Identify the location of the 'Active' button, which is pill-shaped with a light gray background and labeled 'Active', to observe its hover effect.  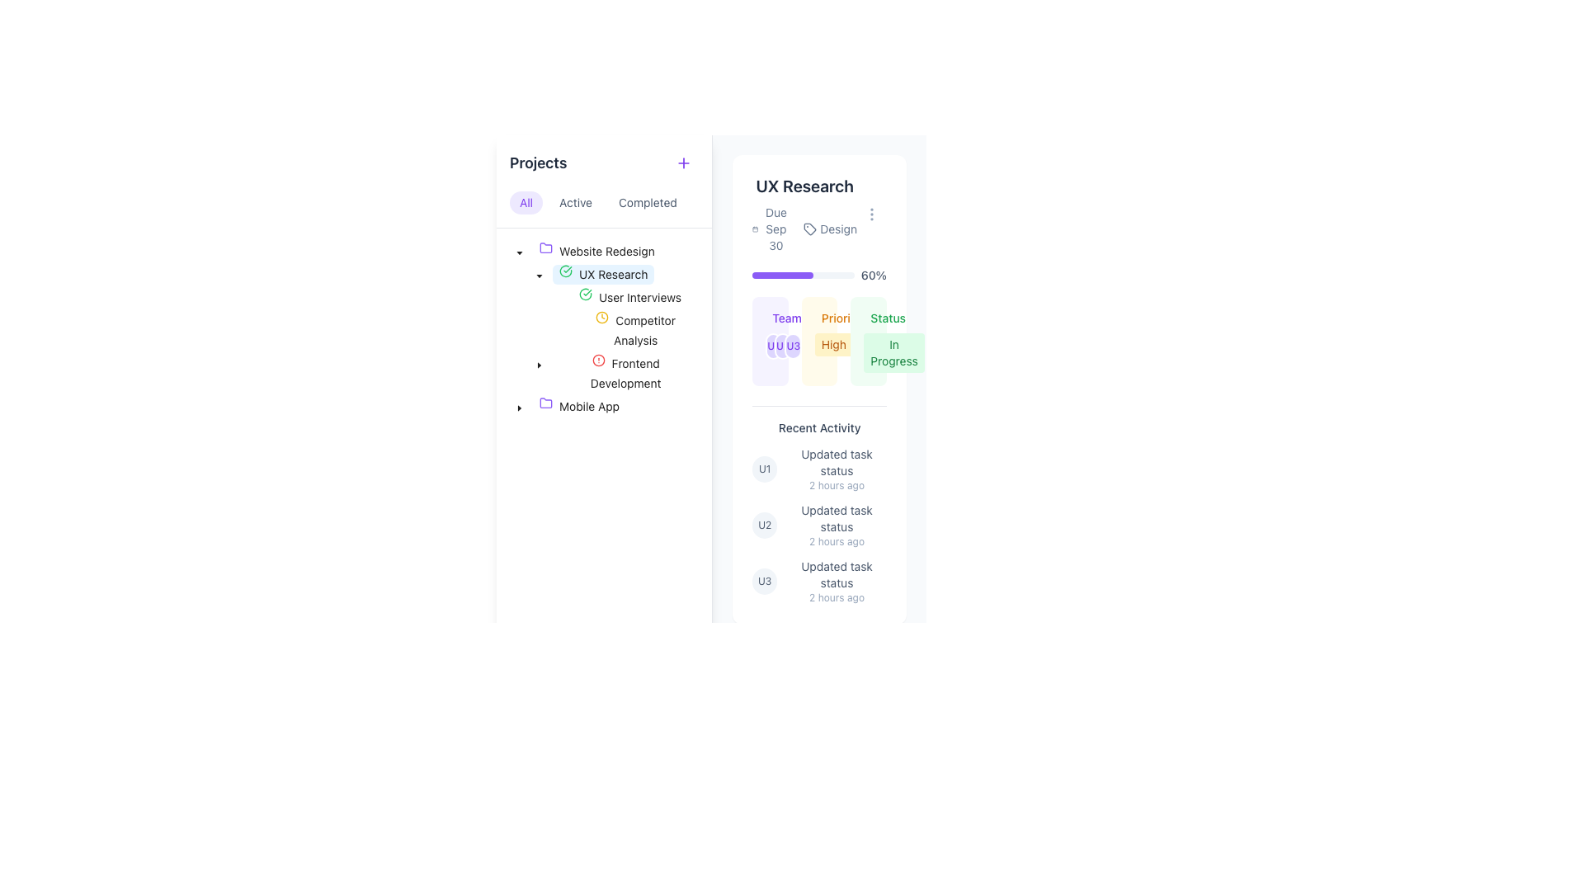
(576, 202).